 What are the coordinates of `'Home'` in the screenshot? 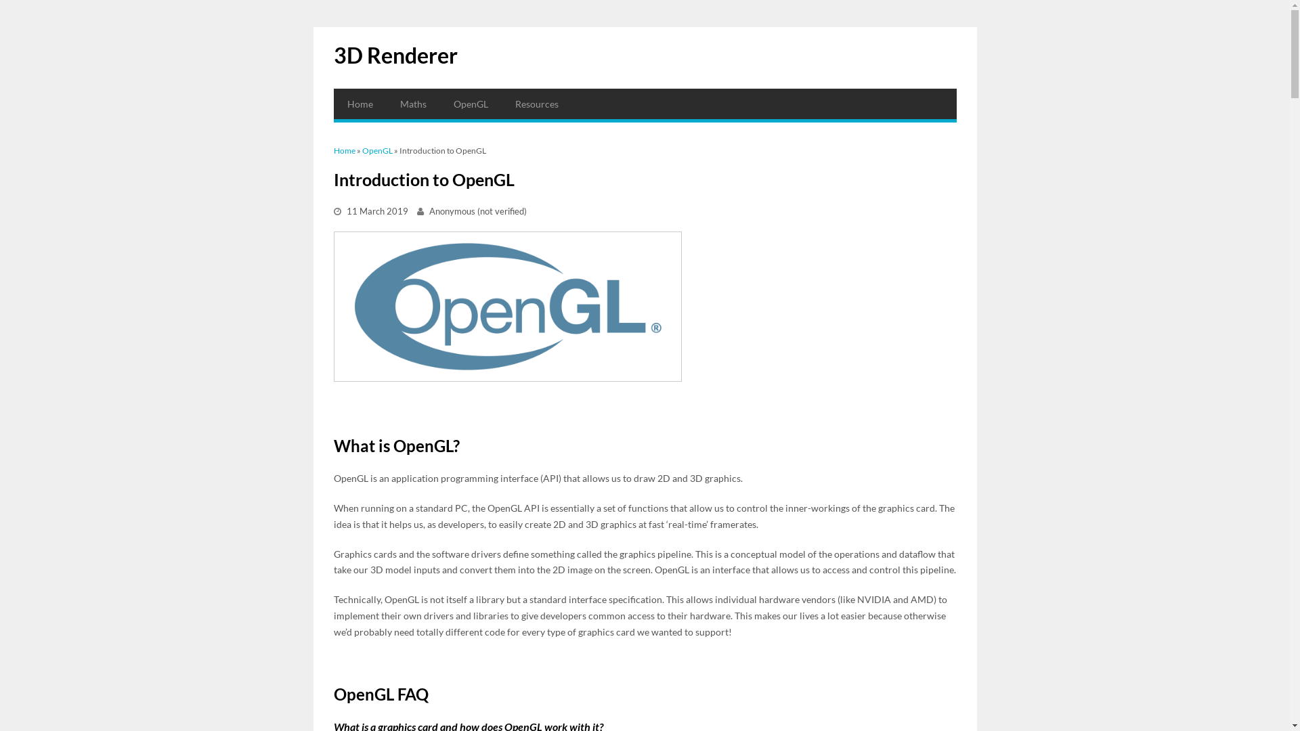 It's located at (360, 103).